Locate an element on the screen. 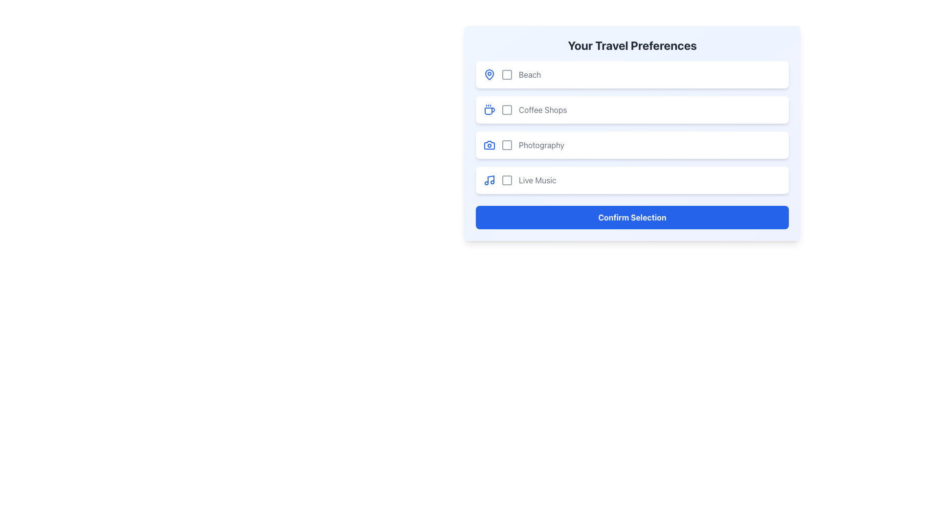 Image resolution: width=939 pixels, height=528 pixels. the 'Beach' preference icon or marker, which is positioned between a location pin icon and the text 'Beach' in the first row of travel preferences is located at coordinates (507, 74).